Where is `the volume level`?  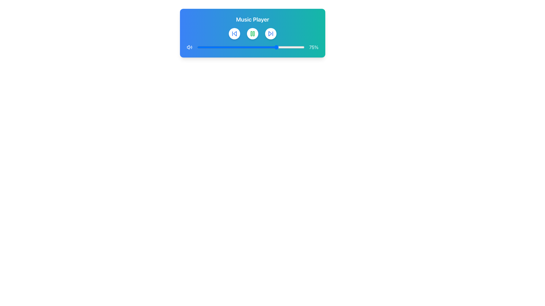 the volume level is located at coordinates (290, 47).